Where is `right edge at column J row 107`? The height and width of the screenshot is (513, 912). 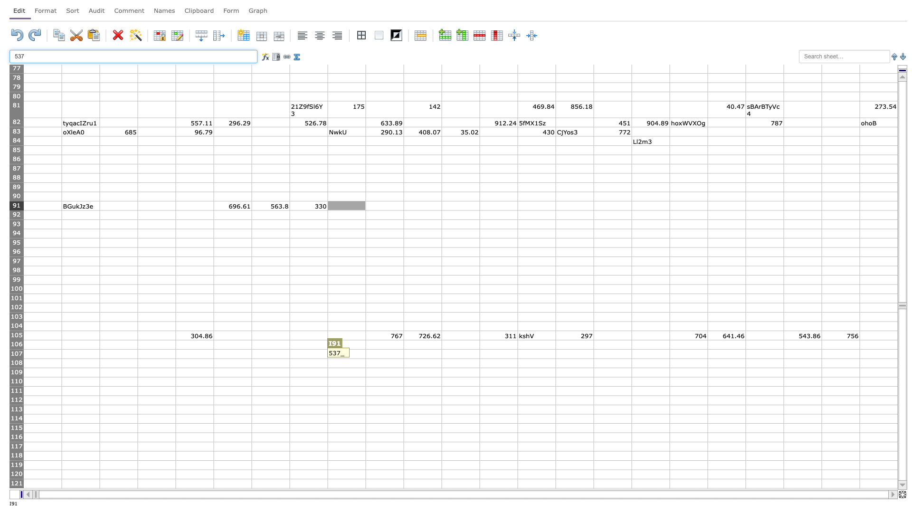
right edge at column J row 107 is located at coordinates (403, 354).